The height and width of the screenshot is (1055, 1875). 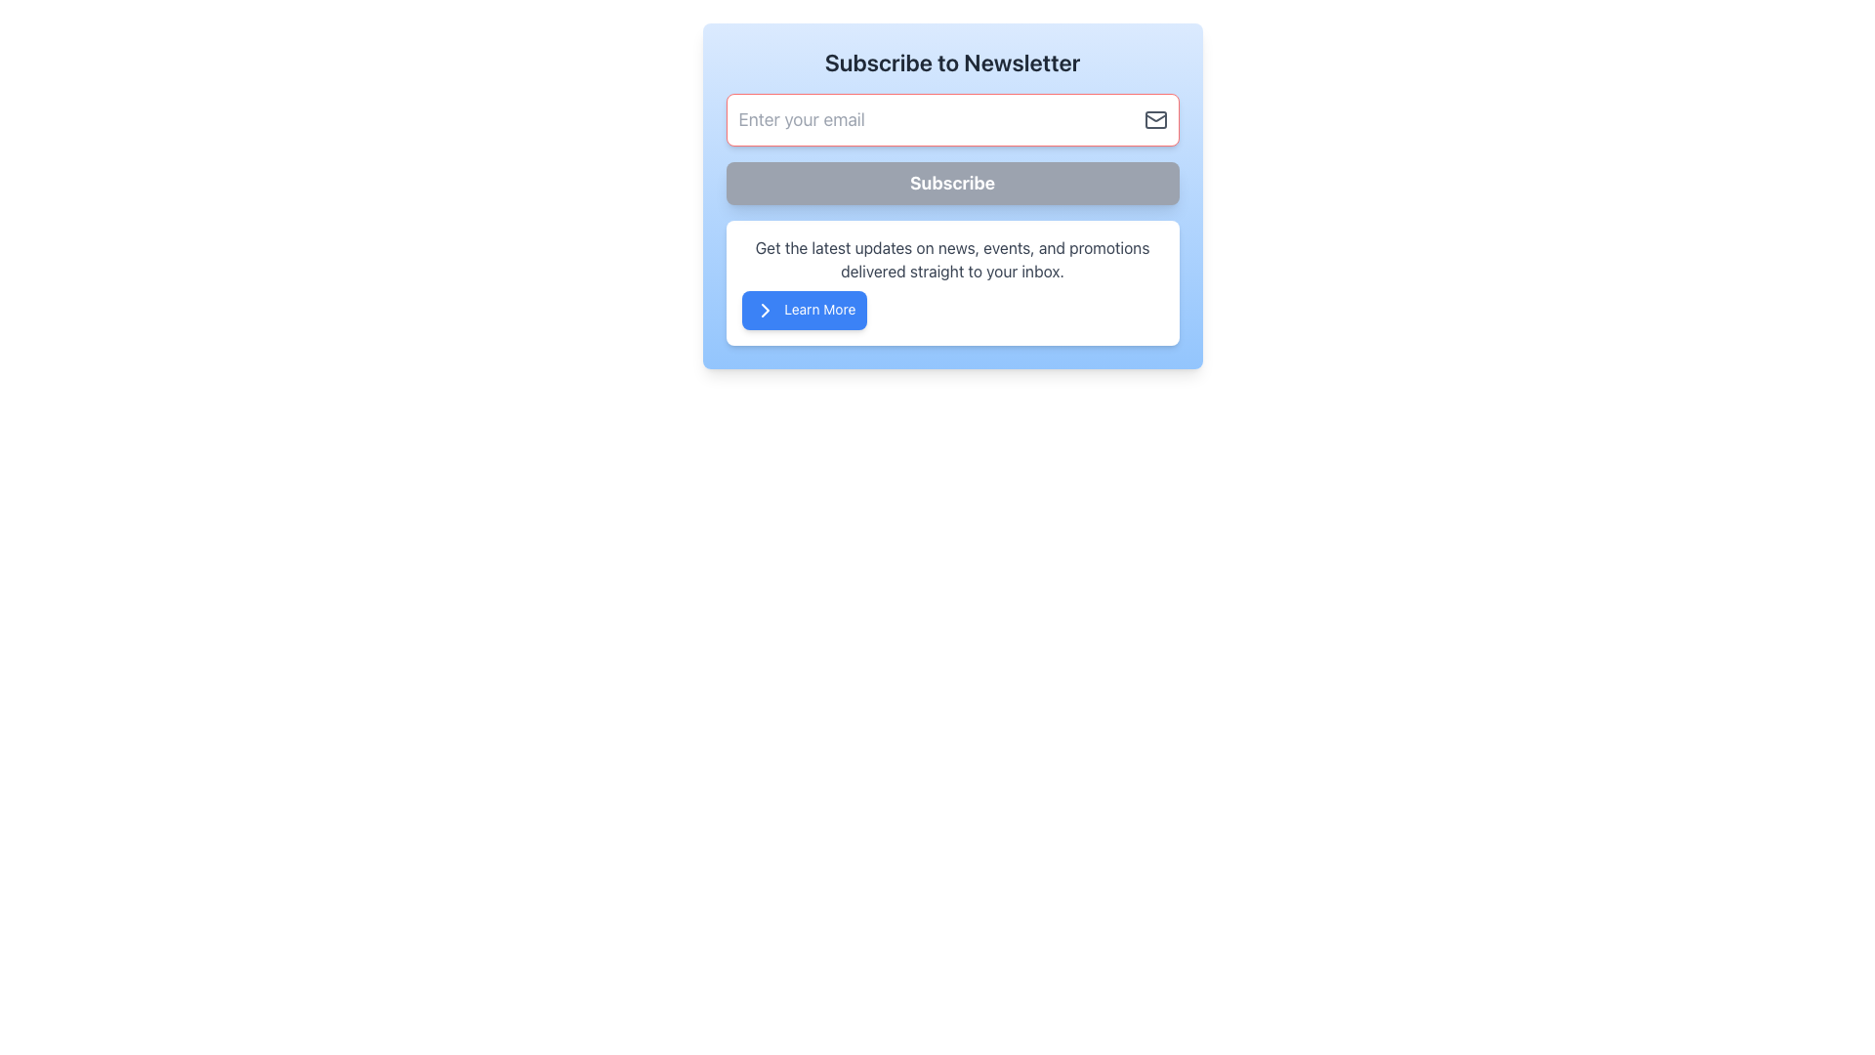 What do you see at coordinates (952, 282) in the screenshot?
I see `the informational panel containing the text message and the 'Learn More' button to read the updates and promotions` at bounding box center [952, 282].